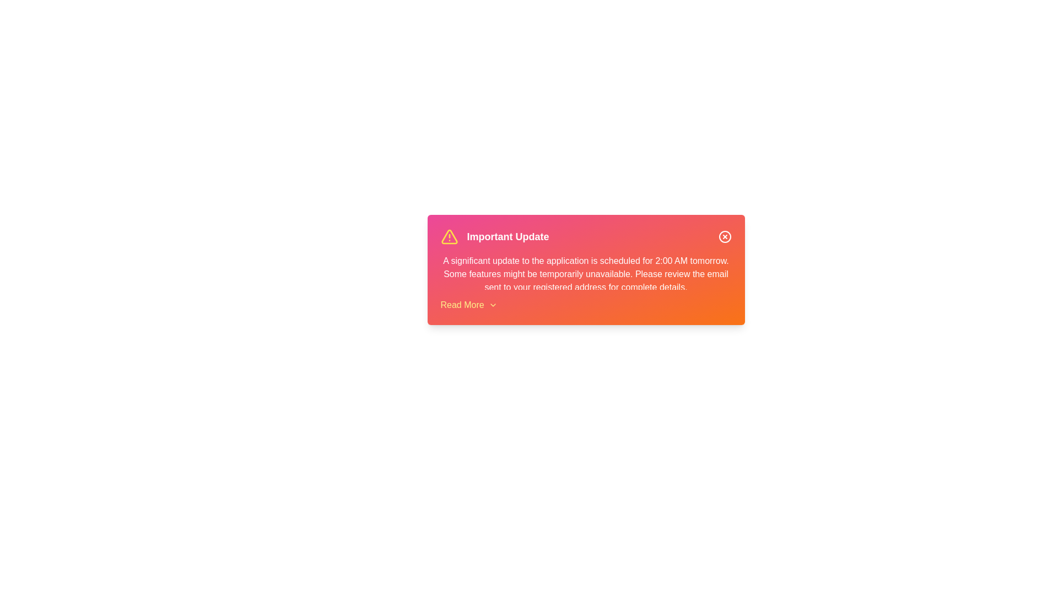  I want to click on the title of the alert message for accessibility testing, so click(507, 236).